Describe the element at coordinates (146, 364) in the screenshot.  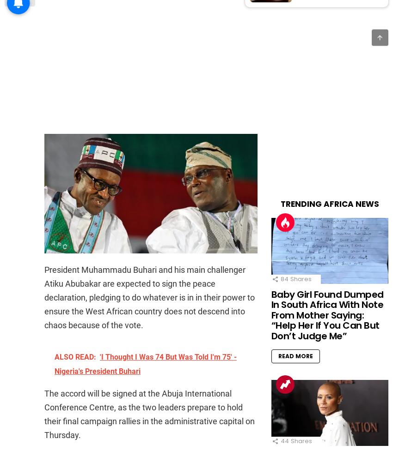
I see `''I Thought I Was 74 But Was Told I'm 75' - Nigeria's President Buhari'` at that location.